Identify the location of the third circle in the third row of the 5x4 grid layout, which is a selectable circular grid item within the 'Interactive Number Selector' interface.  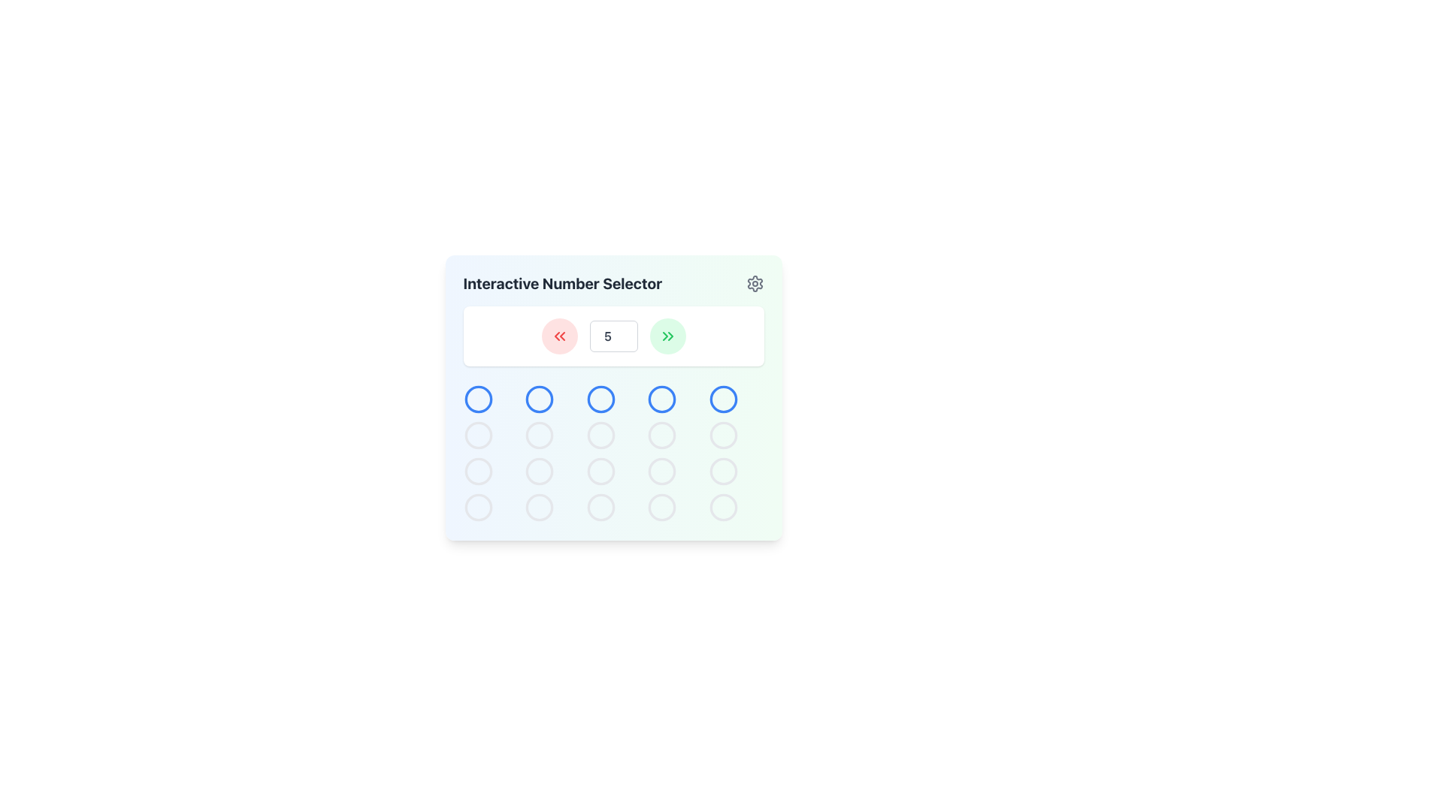
(540, 471).